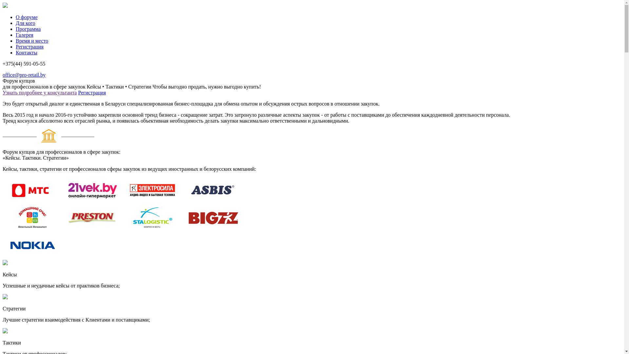 The image size is (629, 354). Describe the element at coordinates (3, 74) in the screenshot. I see `'office@pro-retail.by'` at that location.